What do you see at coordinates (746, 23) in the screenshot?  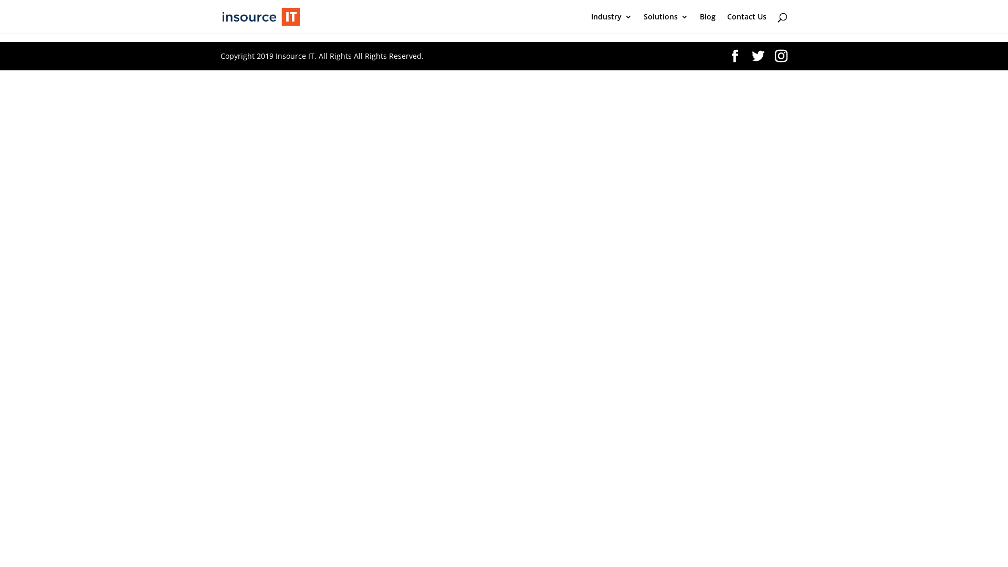 I see `'Contact Us'` at bounding box center [746, 23].